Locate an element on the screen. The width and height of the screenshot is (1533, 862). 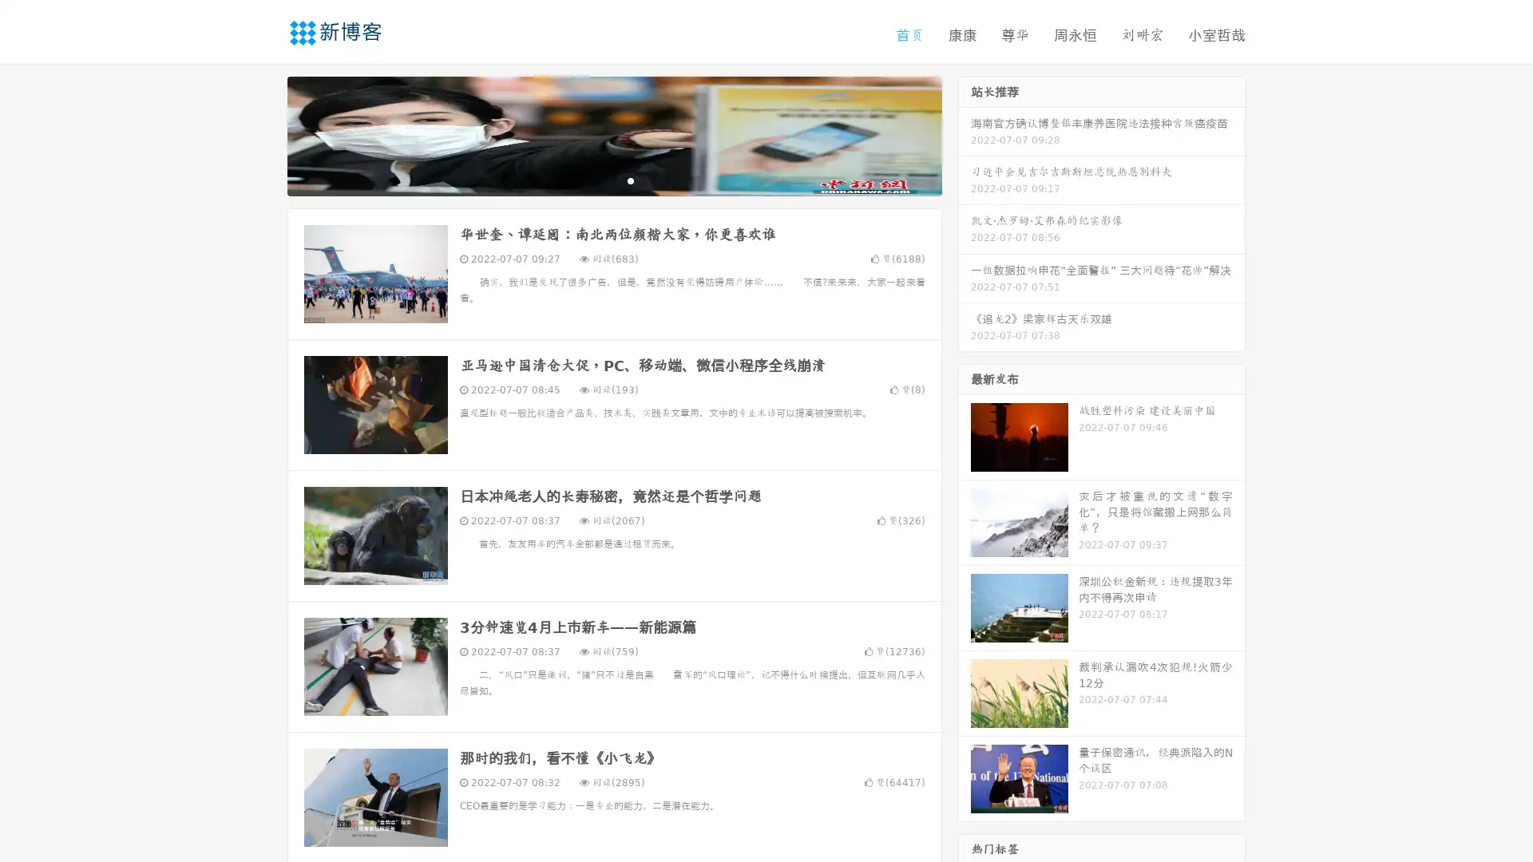
Previous slide is located at coordinates (263, 134).